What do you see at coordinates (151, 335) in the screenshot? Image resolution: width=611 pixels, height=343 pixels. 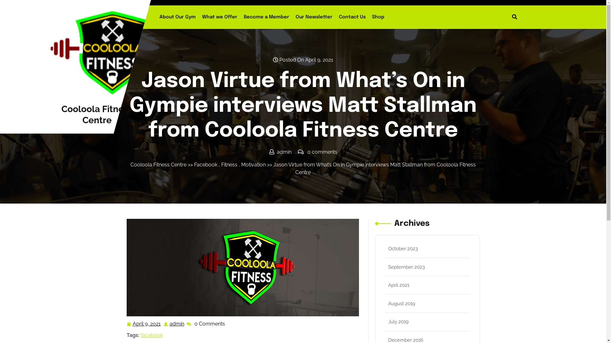 I see `'facebook'` at bounding box center [151, 335].